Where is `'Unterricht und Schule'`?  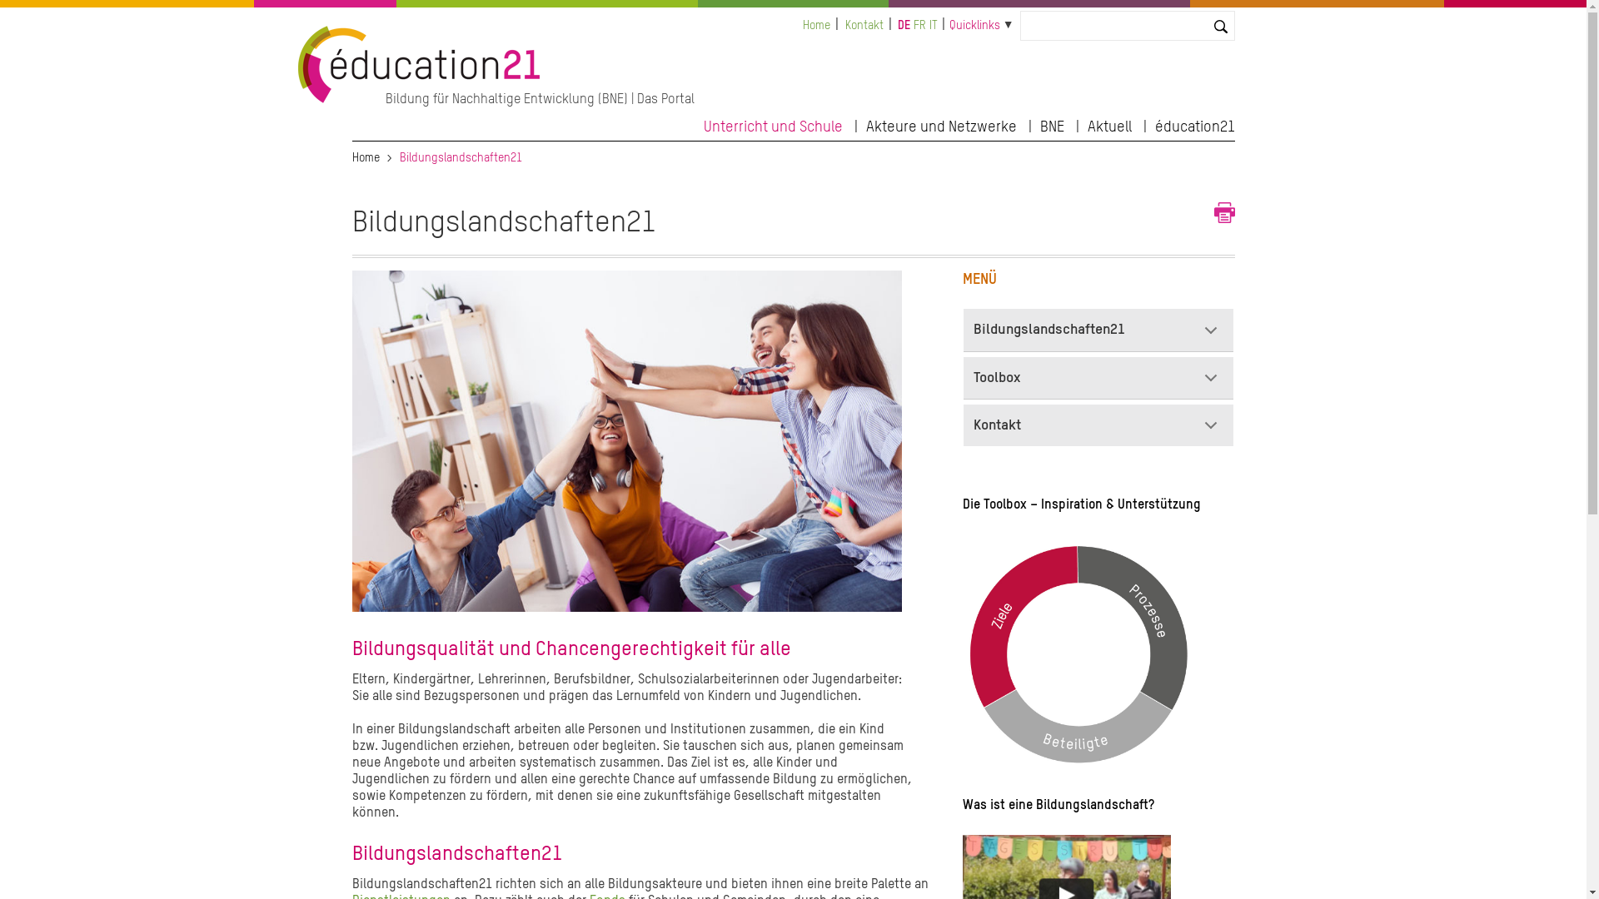
'Unterricht und Schule' is located at coordinates (703, 123).